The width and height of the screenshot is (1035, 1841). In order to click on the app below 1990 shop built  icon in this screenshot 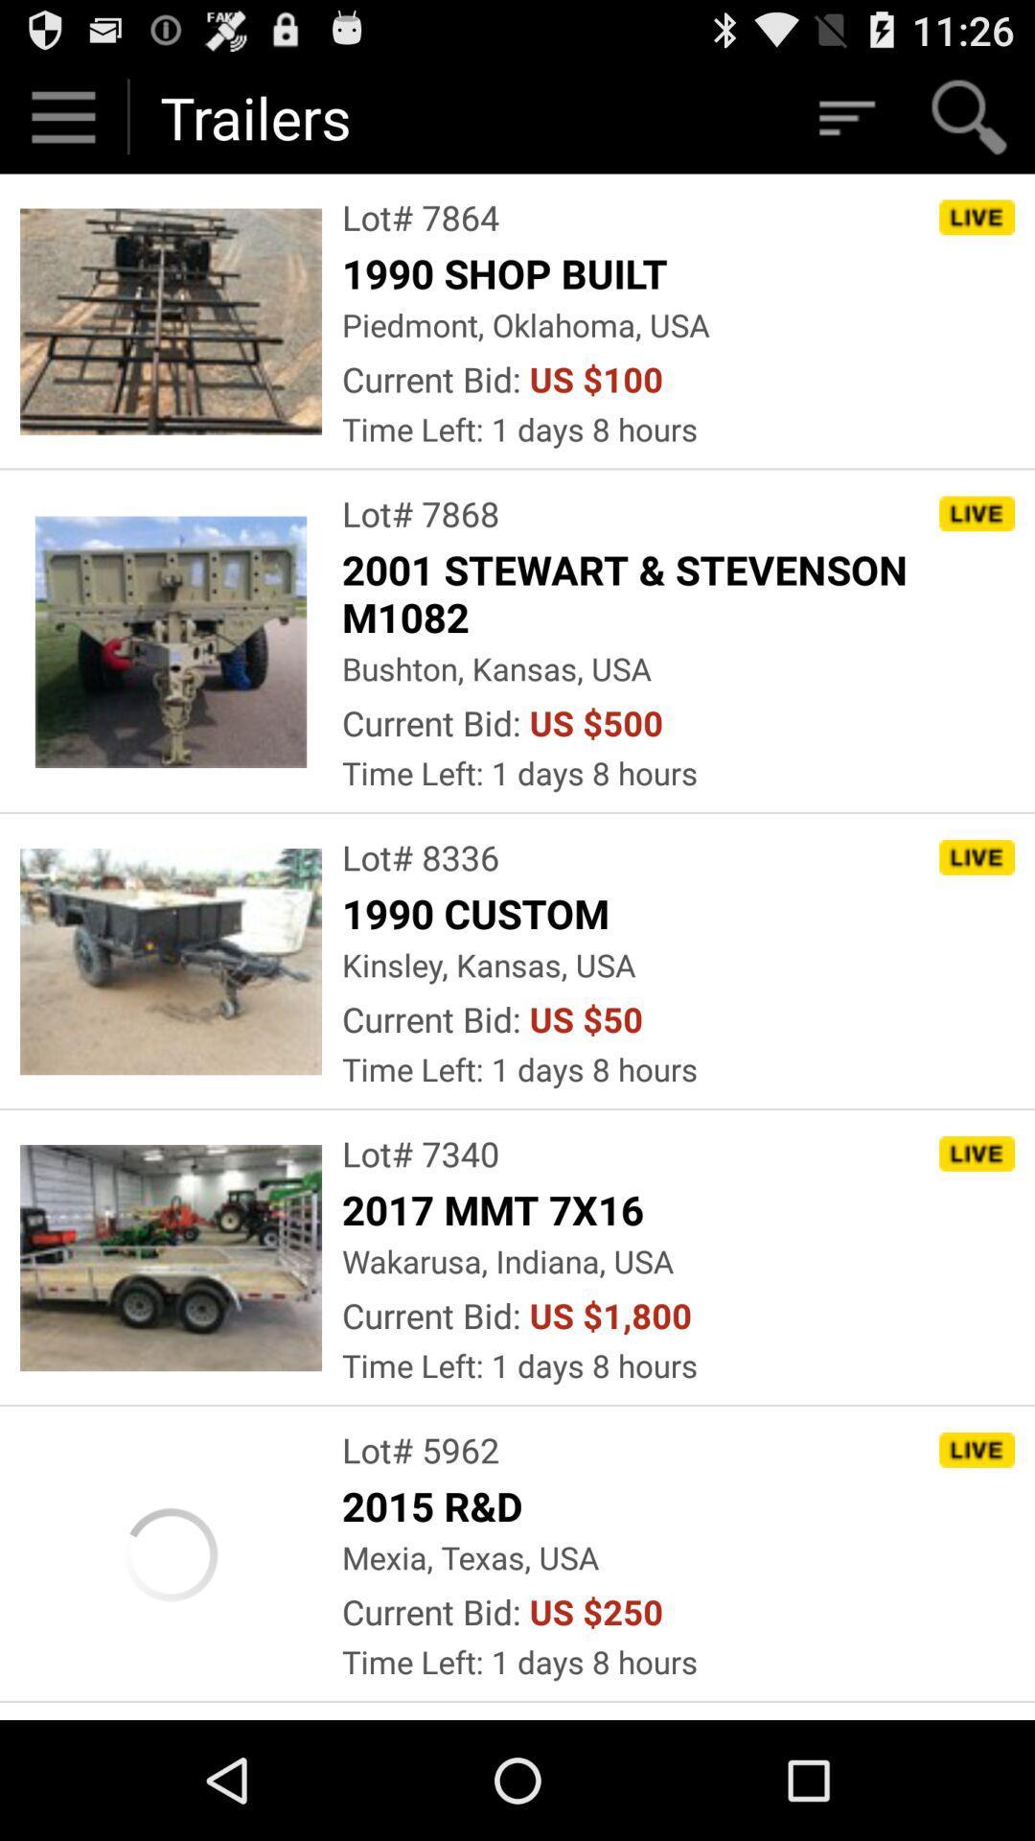, I will do `click(525, 324)`.